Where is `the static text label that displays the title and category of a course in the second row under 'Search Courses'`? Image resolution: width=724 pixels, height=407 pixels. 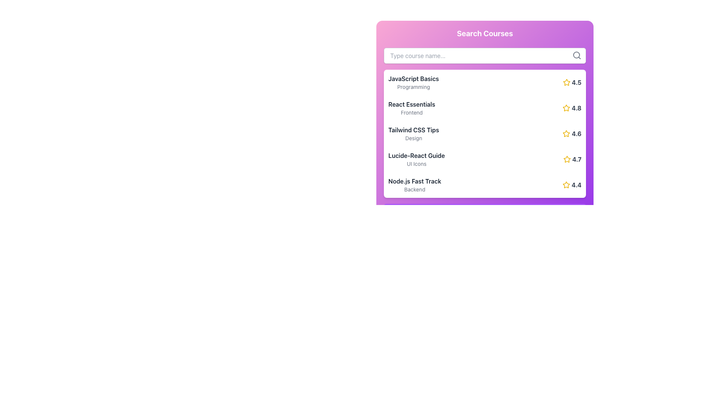 the static text label that displays the title and category of a course in the second row under 'Search Courses' is located at coordinates (411, 108).